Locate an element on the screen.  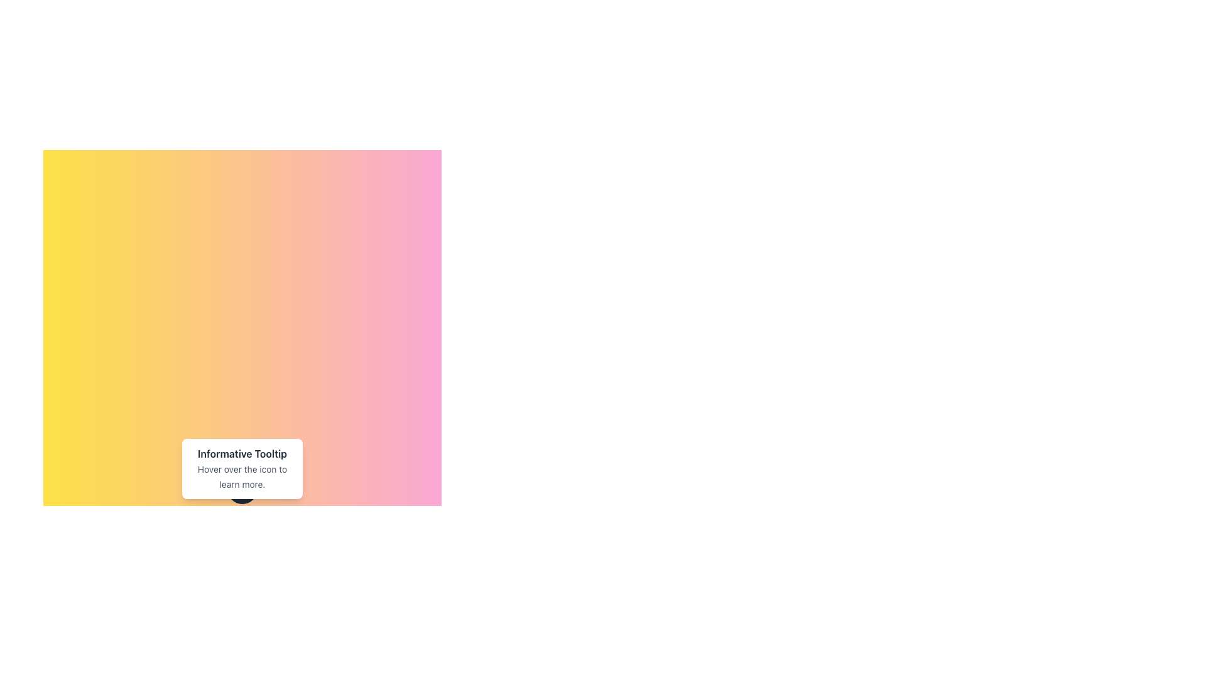
the text label that reads 'Informative Tooltip', which is styled with bold font and dark gray color, located within a tooltip box above the text 'Hover over the icon to learn more.' is located at coordinates (242, 453).